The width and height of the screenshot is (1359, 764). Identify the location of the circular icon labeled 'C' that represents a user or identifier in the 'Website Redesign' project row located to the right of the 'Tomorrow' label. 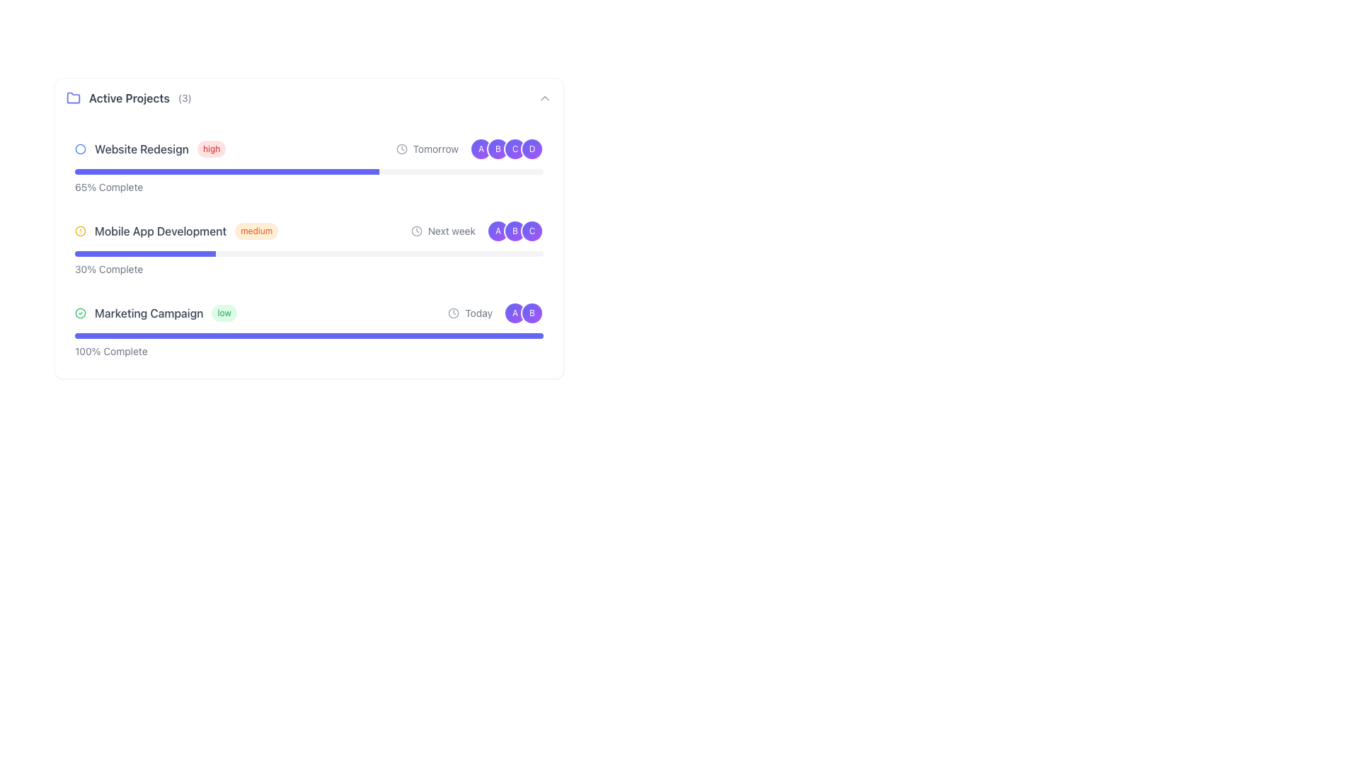
(515, 149).